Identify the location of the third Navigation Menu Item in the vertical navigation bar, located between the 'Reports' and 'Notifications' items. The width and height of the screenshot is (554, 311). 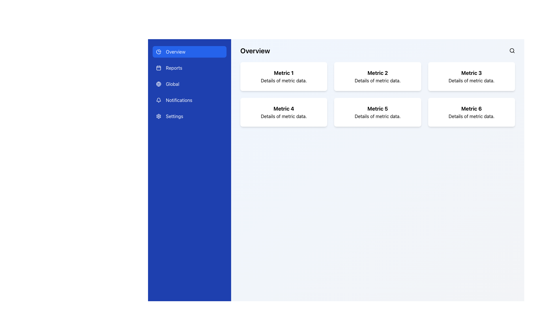
(190, 84).